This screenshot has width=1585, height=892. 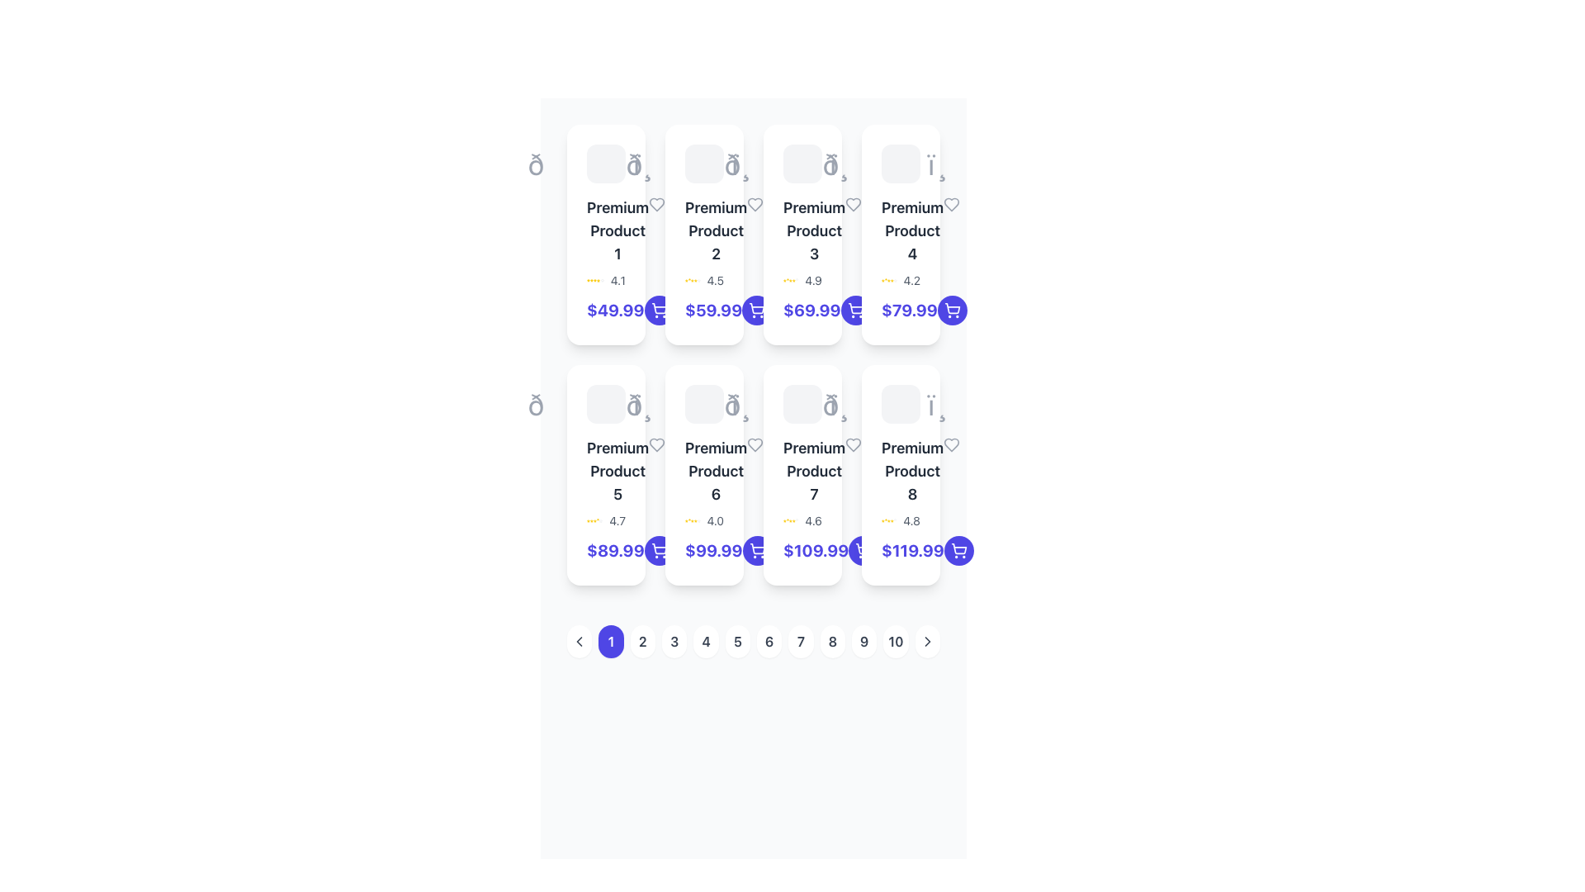 I want to click on the static text label displaying the product's rating, located under the star rating icons in the fourth product of the top row, so click(x=911, y=279).